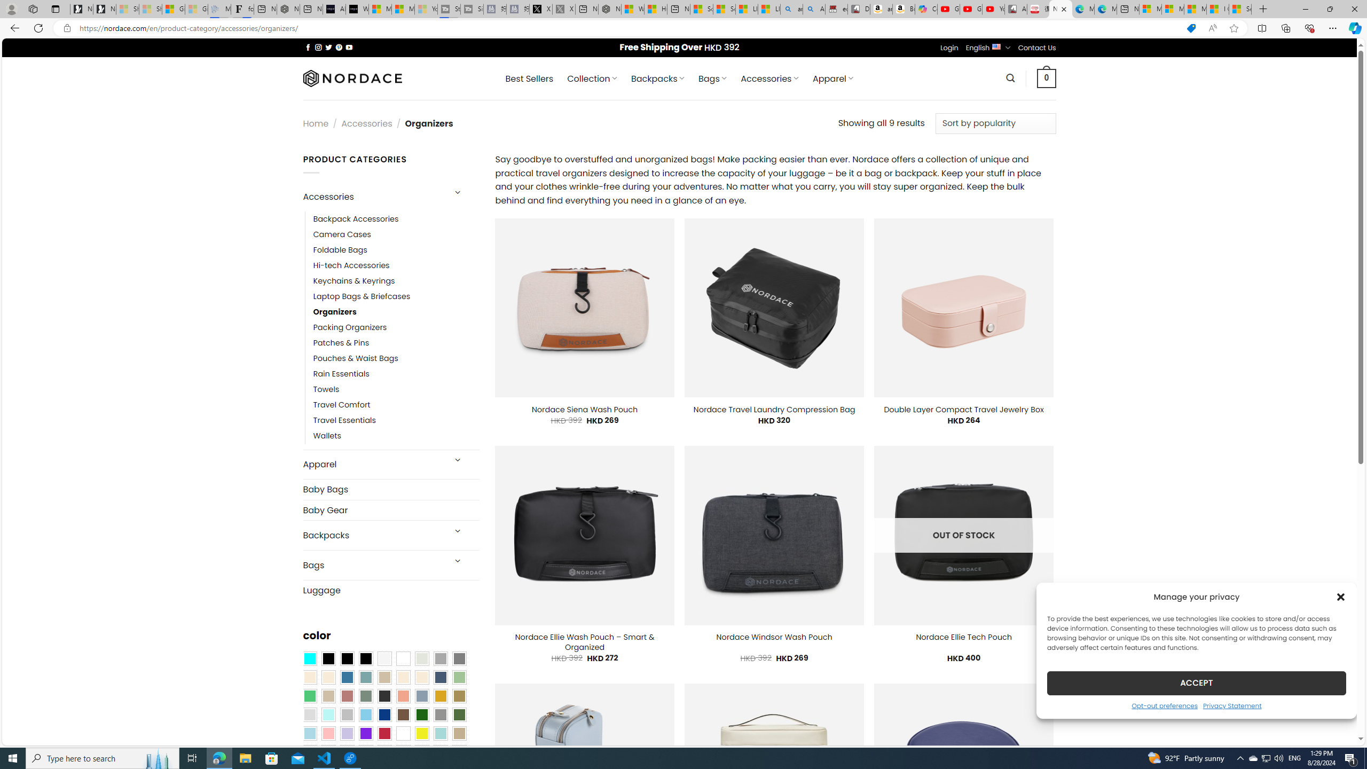  Describe the element at coordinates (655, 9) in the screenshot. I see `'Huge shark washes ashore at New York City beach | Watch'` at that location.